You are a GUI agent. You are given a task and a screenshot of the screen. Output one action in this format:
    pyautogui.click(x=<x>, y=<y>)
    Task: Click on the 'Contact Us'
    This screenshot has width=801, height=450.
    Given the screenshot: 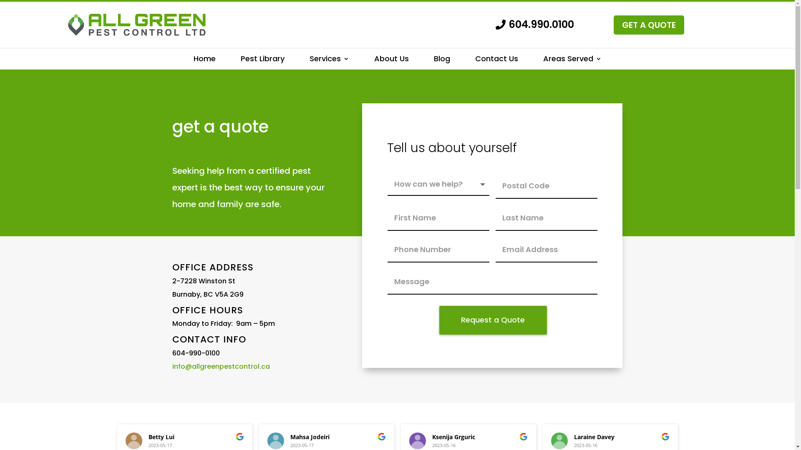 What is the action you would take?
    pyautogui.click(x=496, y=60)
    